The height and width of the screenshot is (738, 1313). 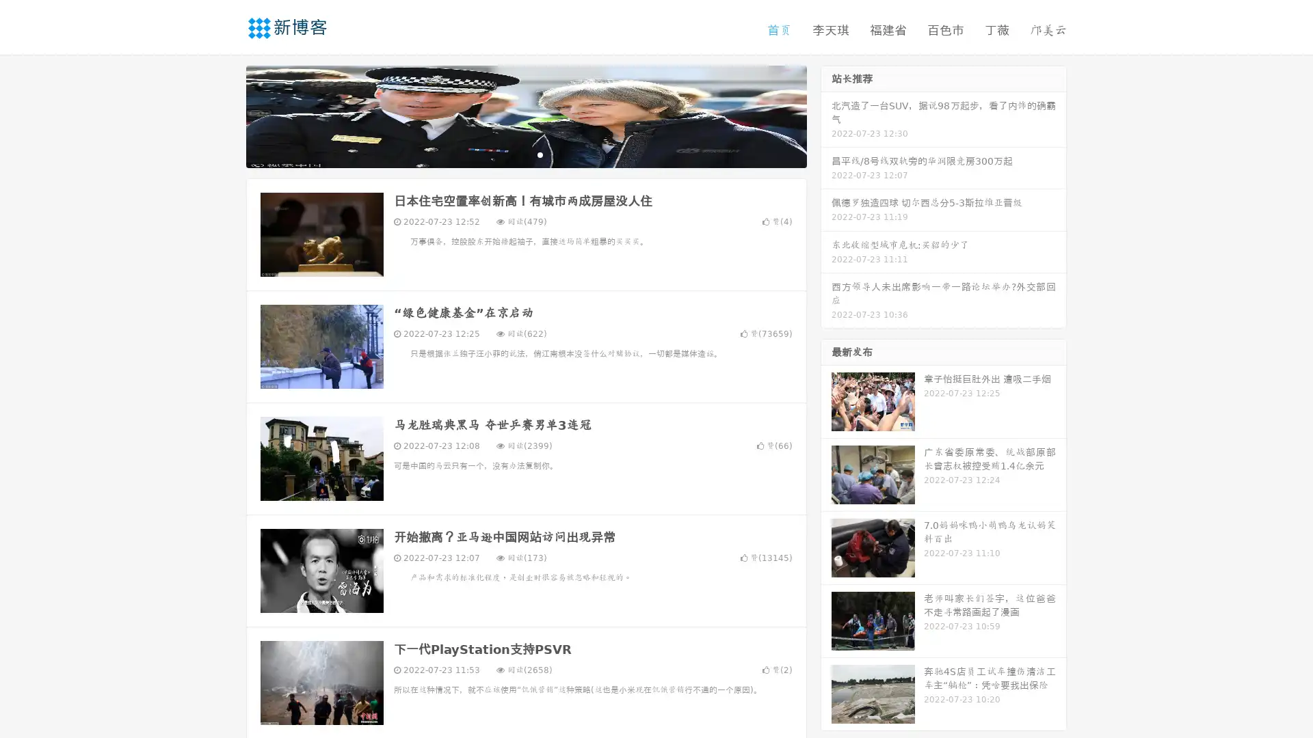 What do you see at coordinates (826, 115) in the screenshot?
I see `Next slide` at bounding box center [826, 115].